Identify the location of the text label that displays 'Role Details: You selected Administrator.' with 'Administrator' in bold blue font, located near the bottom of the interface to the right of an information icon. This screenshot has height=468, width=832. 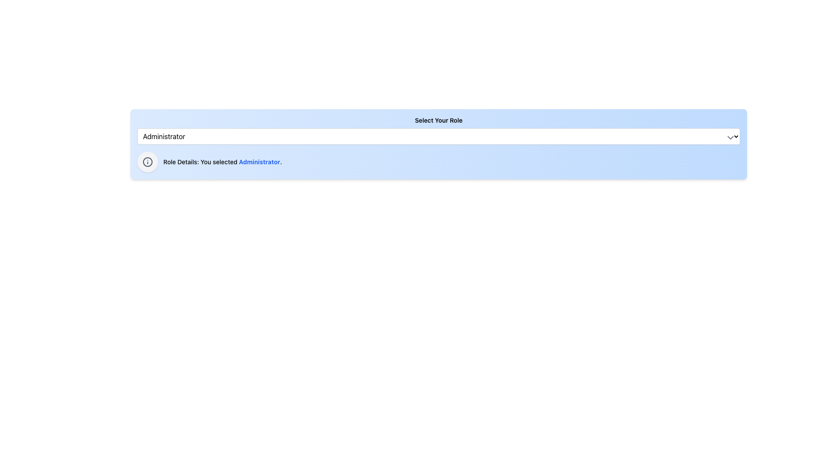
(222, 162).